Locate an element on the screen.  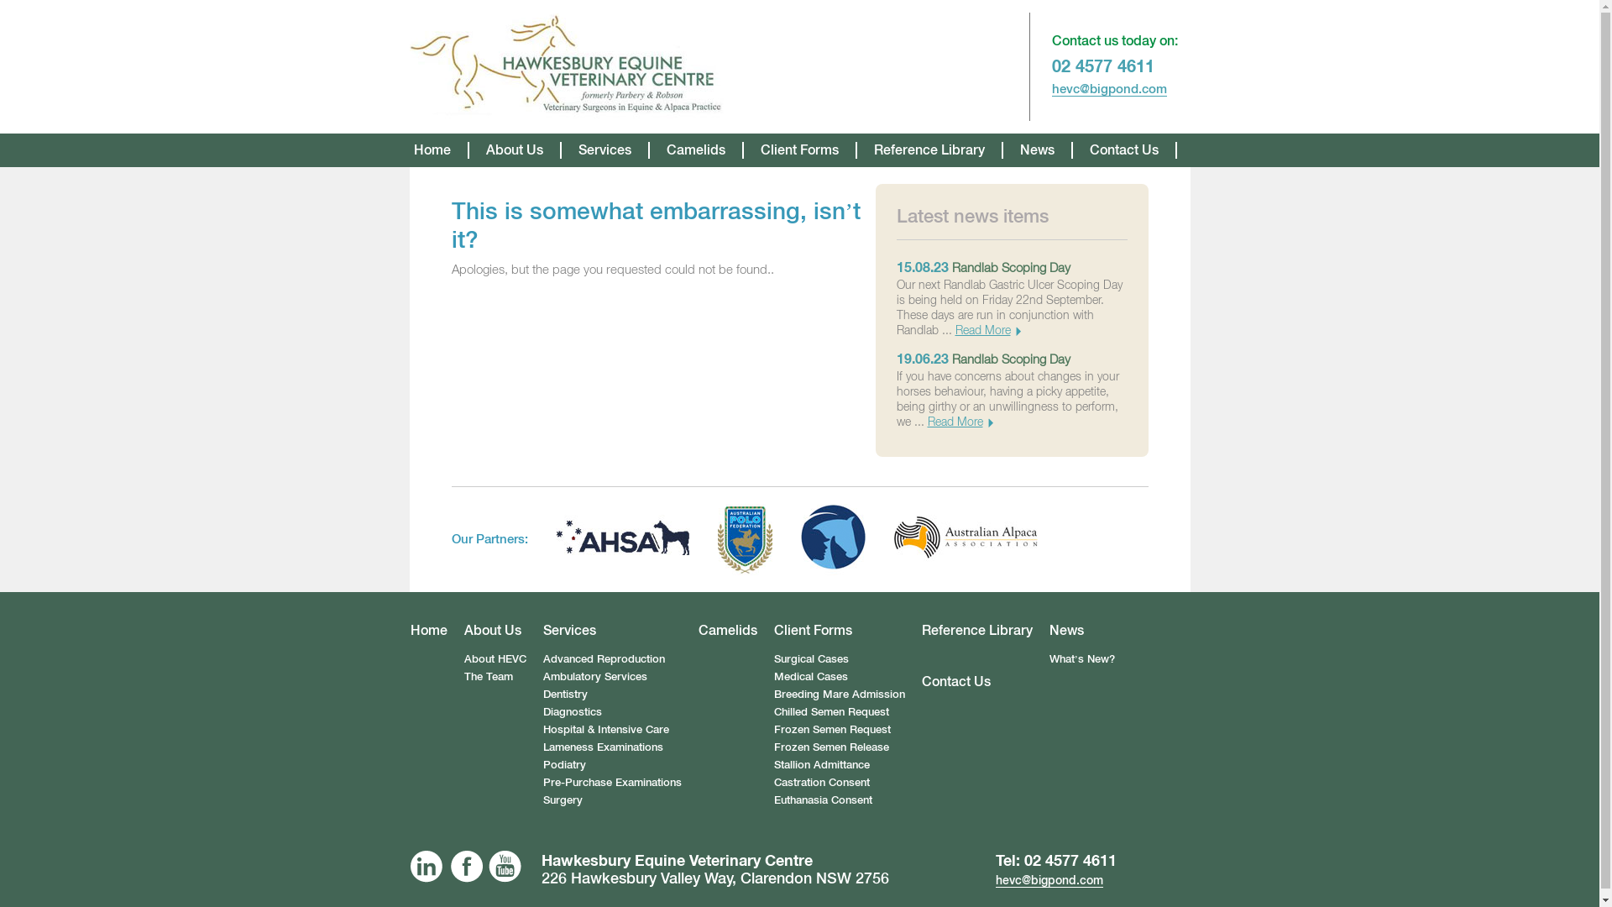
'Pre-Purchase Examinations' is located at coordinates (611, 782).